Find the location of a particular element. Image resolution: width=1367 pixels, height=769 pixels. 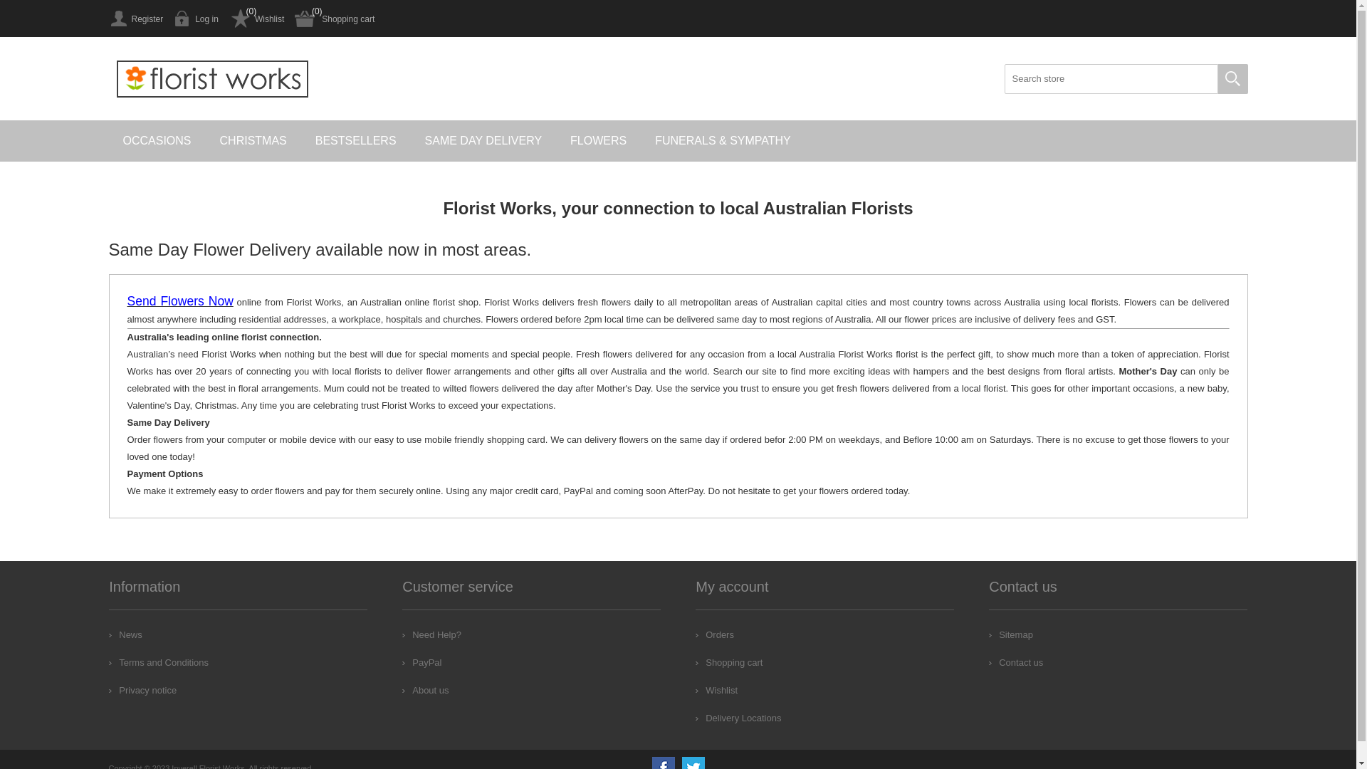

'Orders' is located at coordinates (714, 634).